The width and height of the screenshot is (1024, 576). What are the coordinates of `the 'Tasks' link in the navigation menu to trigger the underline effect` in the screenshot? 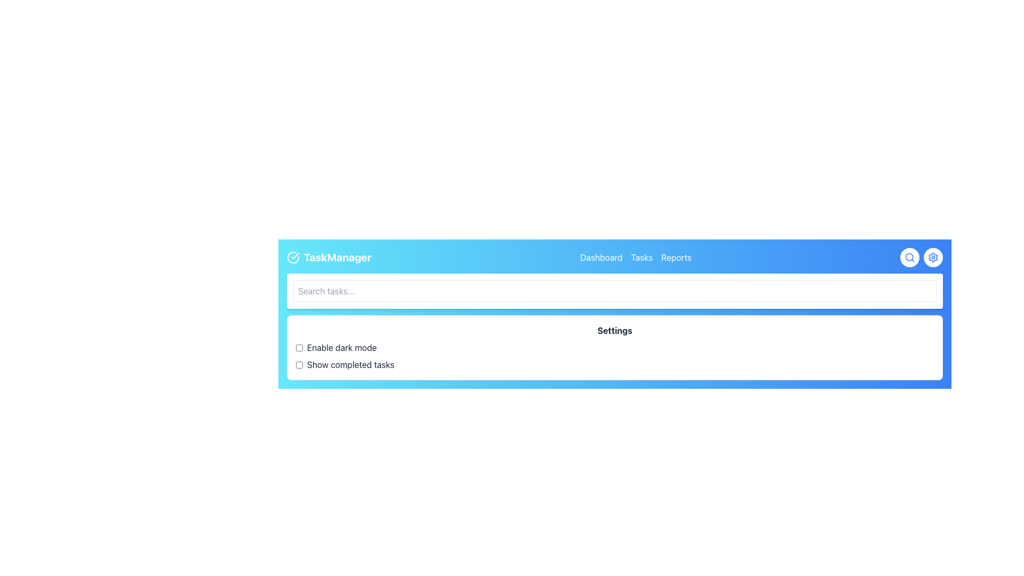 It's located at (641, 257).